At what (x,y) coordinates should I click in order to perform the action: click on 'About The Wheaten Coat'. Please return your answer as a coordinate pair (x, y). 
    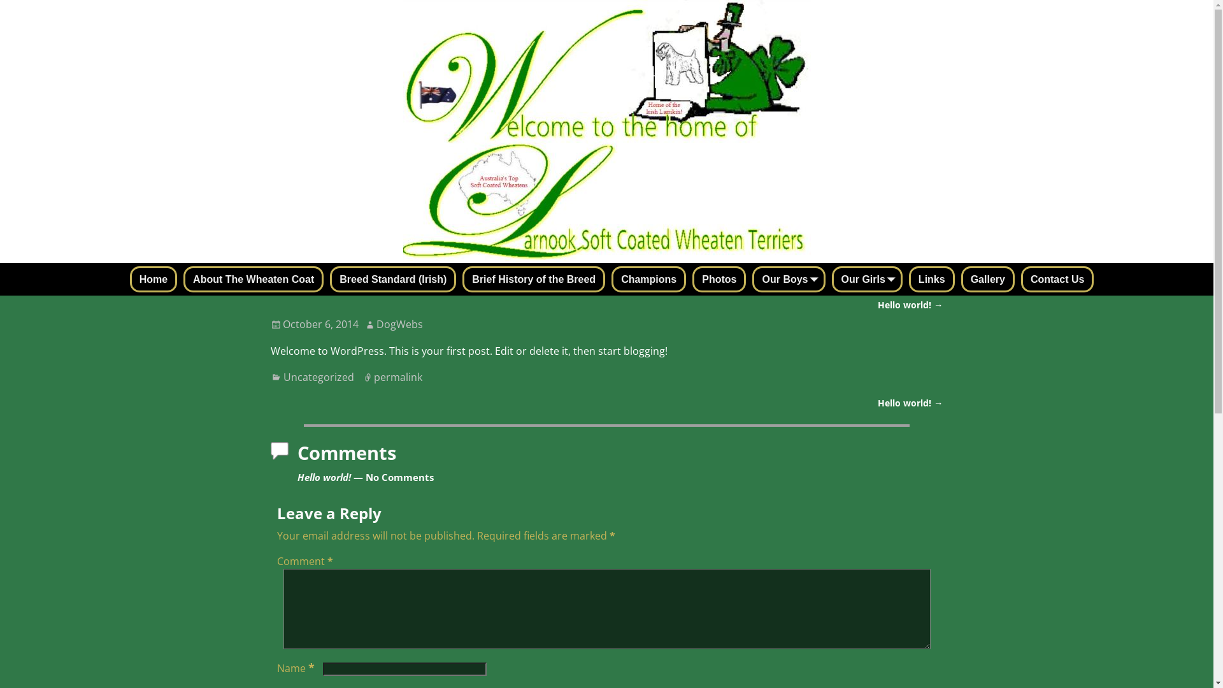
    Looking at the image, I should click on (254, 278).